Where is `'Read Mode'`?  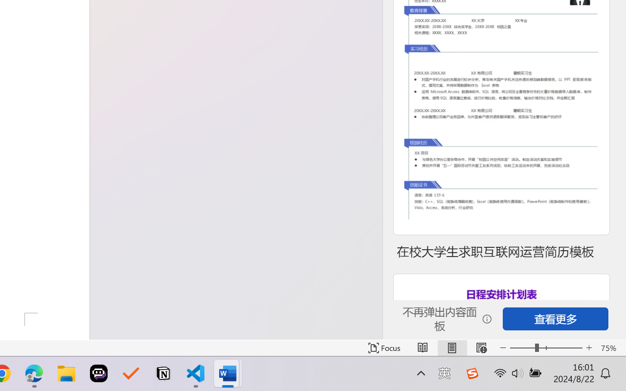
'Read Mode' is located at coordinates (423, 348).